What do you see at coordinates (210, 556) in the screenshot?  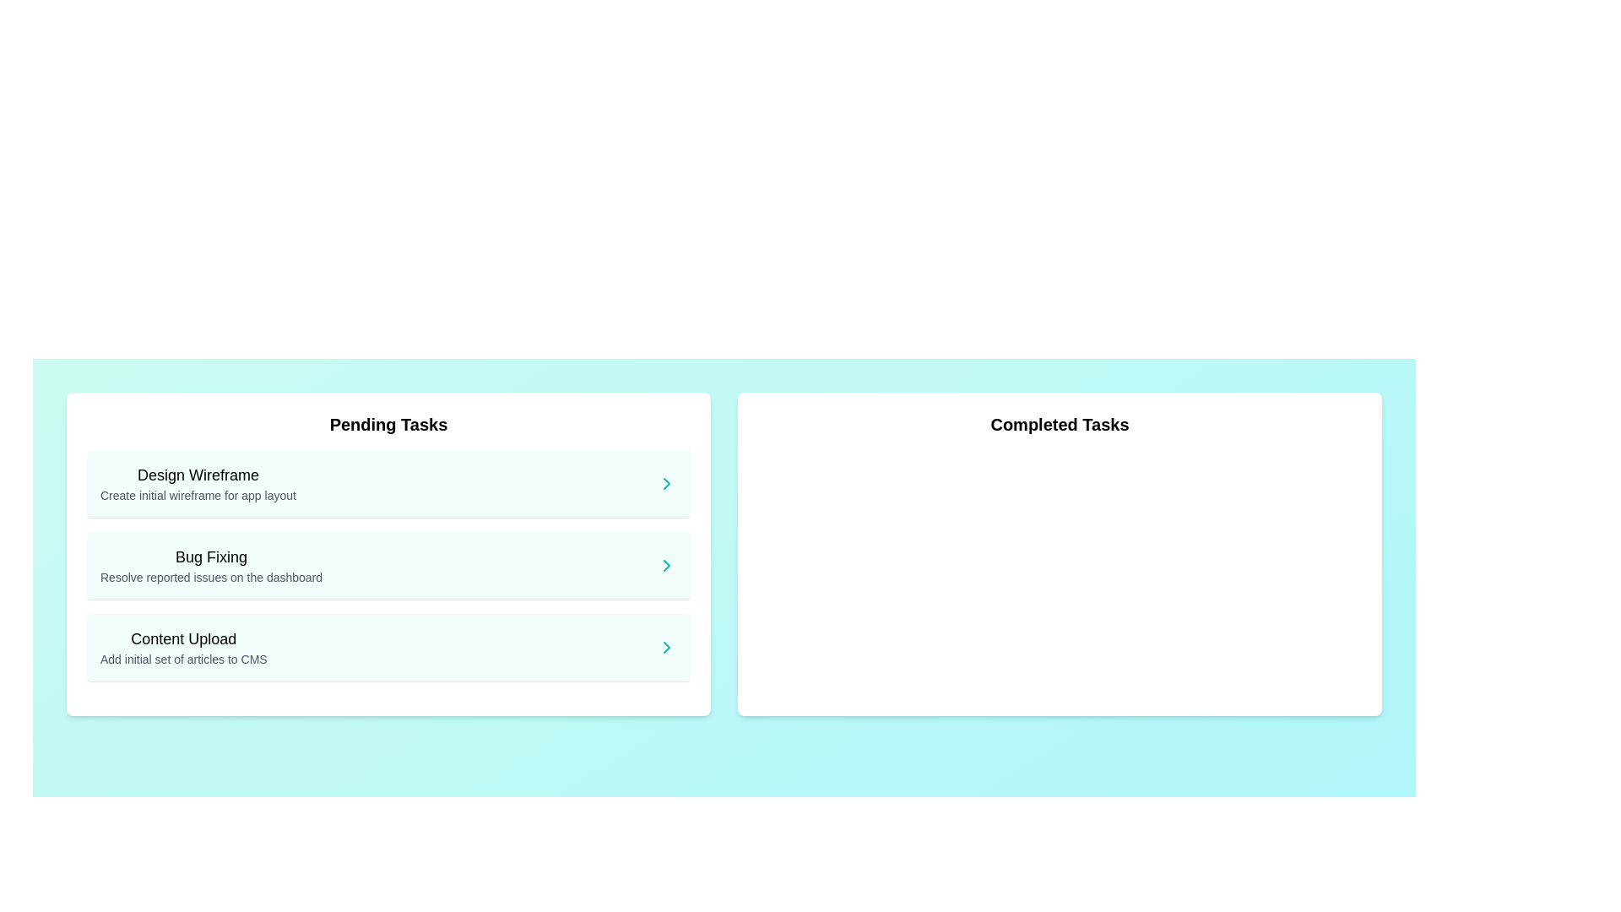 I see `the 'Bug Fixing' text label located in the second card under the 'Pending Tasks' section, positioned above the description text` at bounding box center [210, 556].